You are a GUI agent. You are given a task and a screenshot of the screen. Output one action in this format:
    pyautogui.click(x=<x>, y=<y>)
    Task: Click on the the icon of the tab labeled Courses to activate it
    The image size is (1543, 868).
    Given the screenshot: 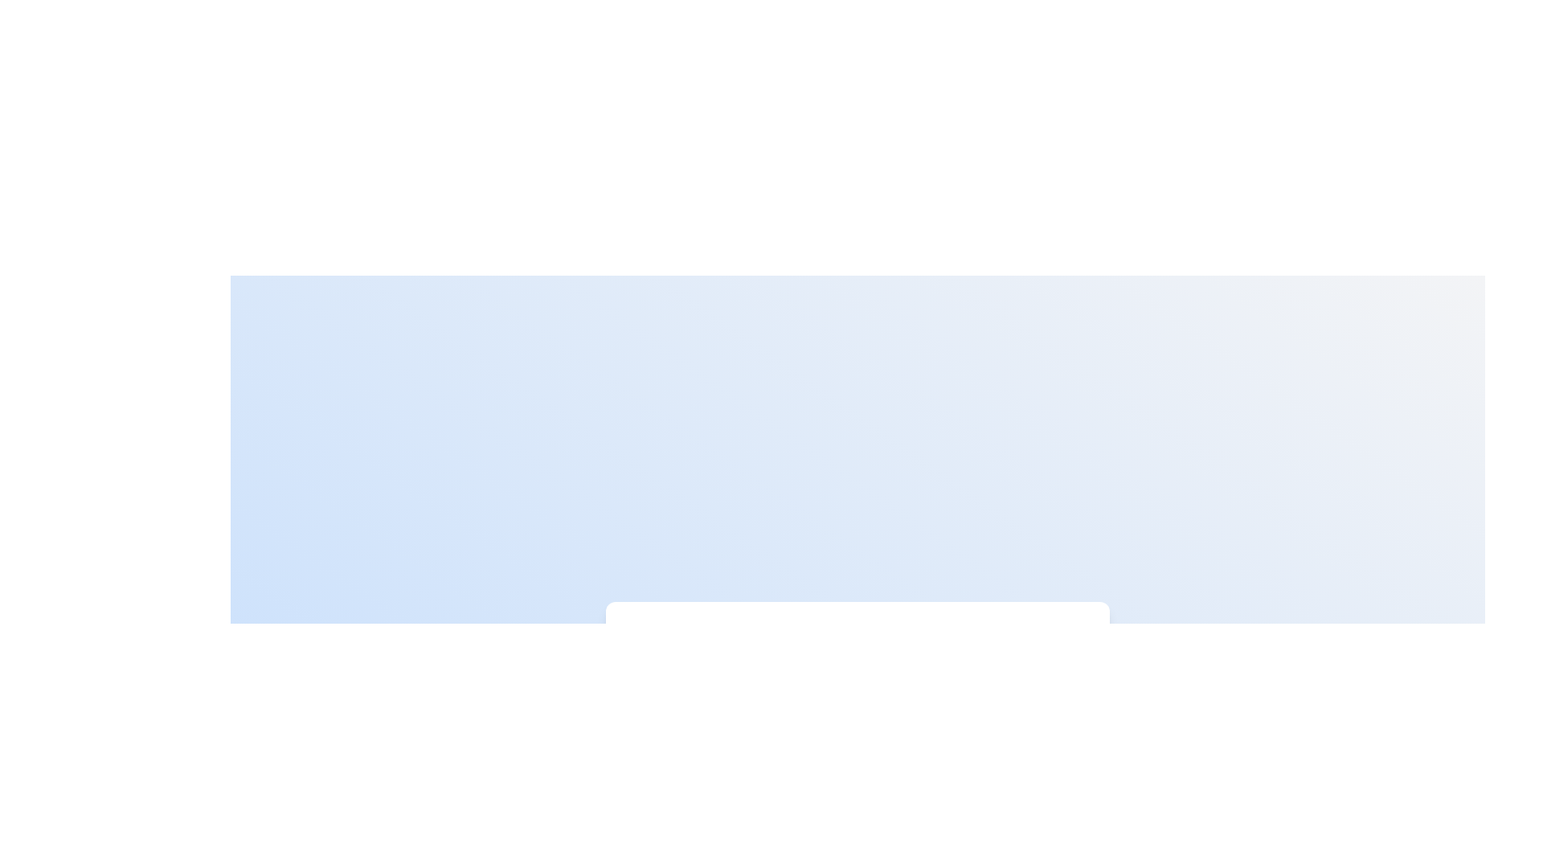 What is the action you would take?
    pyautogui.click(x=786, y=647)
    